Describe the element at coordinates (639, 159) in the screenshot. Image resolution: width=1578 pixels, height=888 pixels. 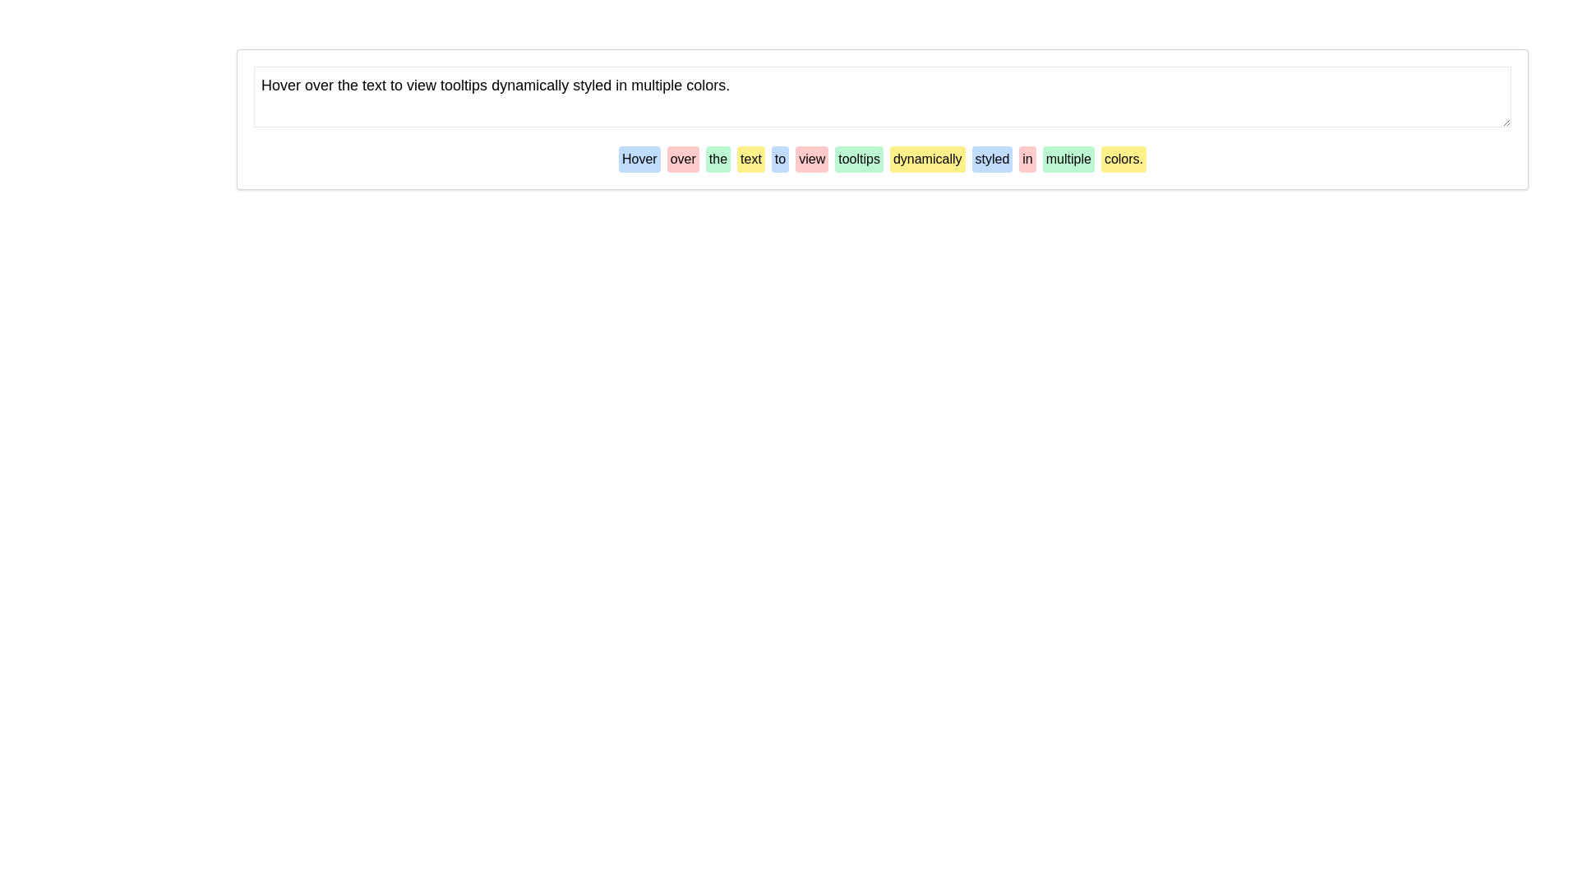
I see `the interactive text element displaying 'HoverHover' with a light blue background and rounded edges` at that location.